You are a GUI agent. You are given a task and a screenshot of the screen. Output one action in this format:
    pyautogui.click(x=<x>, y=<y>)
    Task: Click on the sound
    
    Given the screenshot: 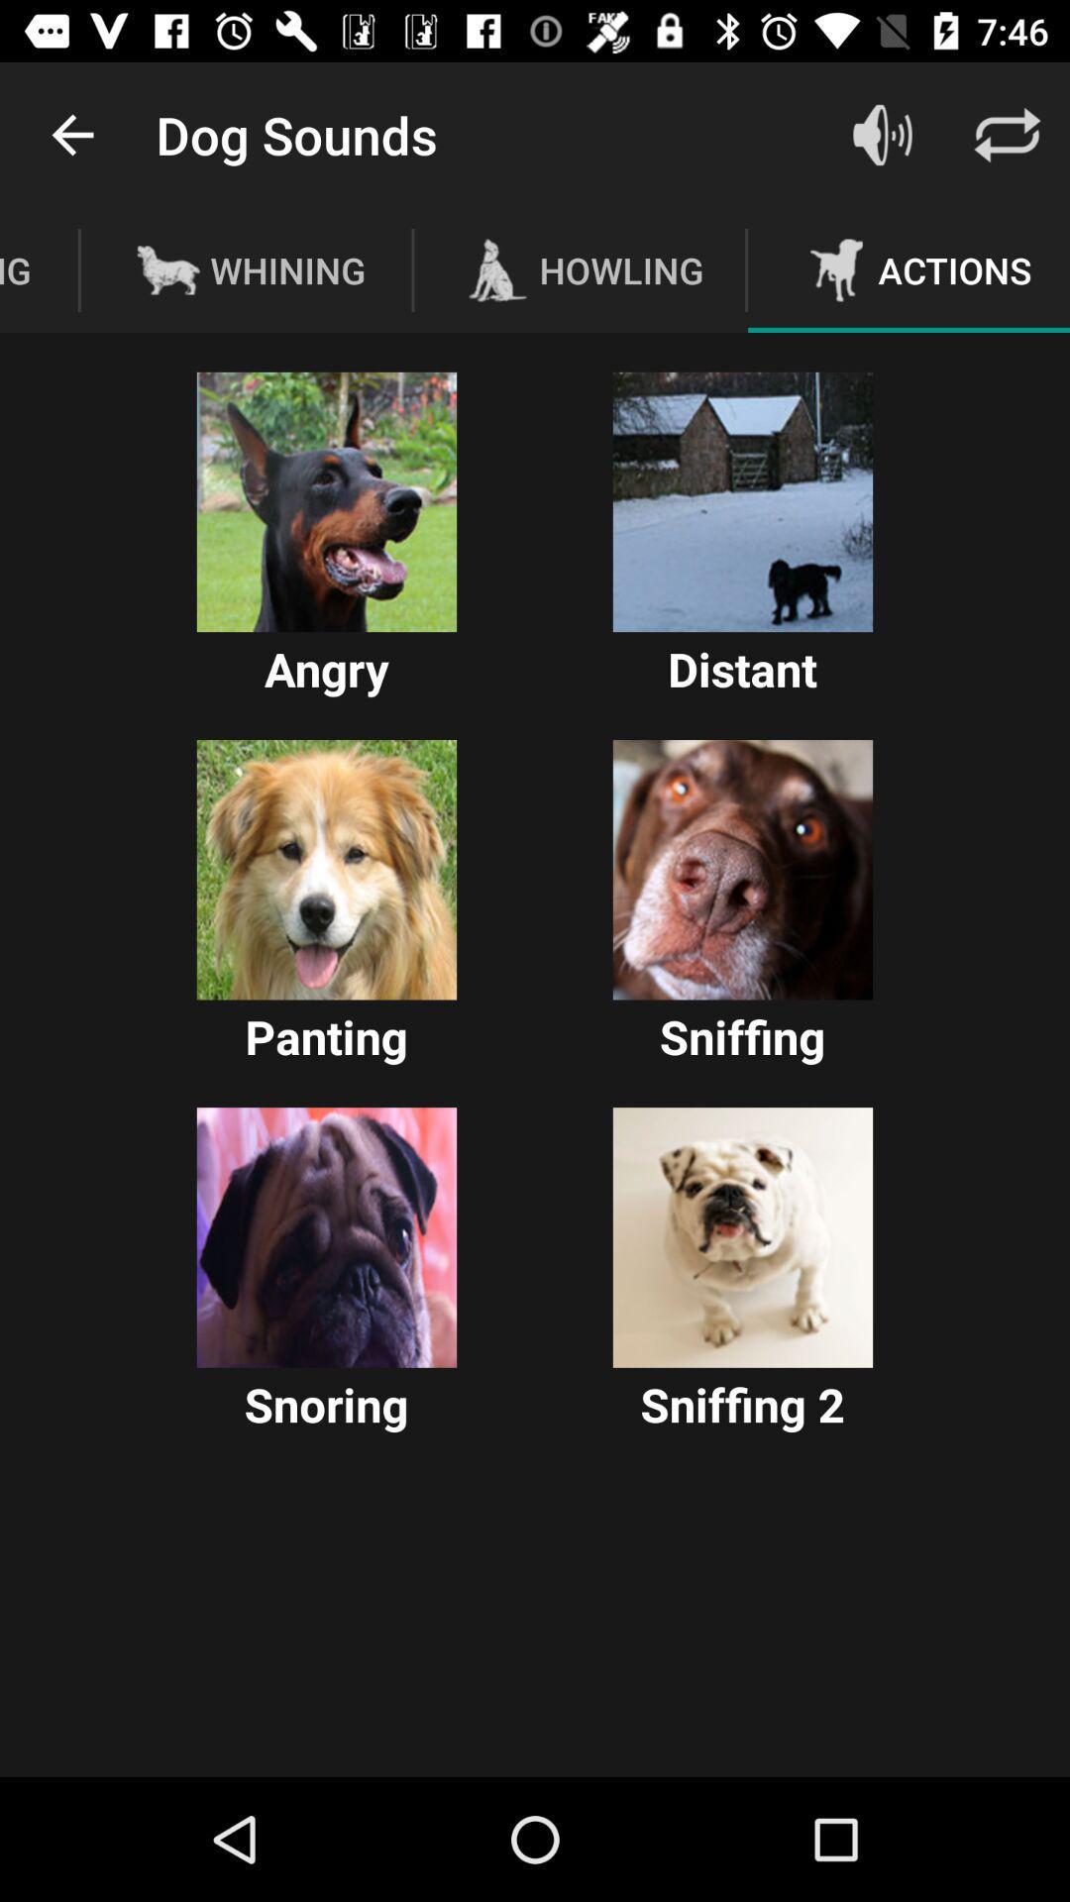 What is the action you would take?
    pyautogui.click(x=326, y=870)
    